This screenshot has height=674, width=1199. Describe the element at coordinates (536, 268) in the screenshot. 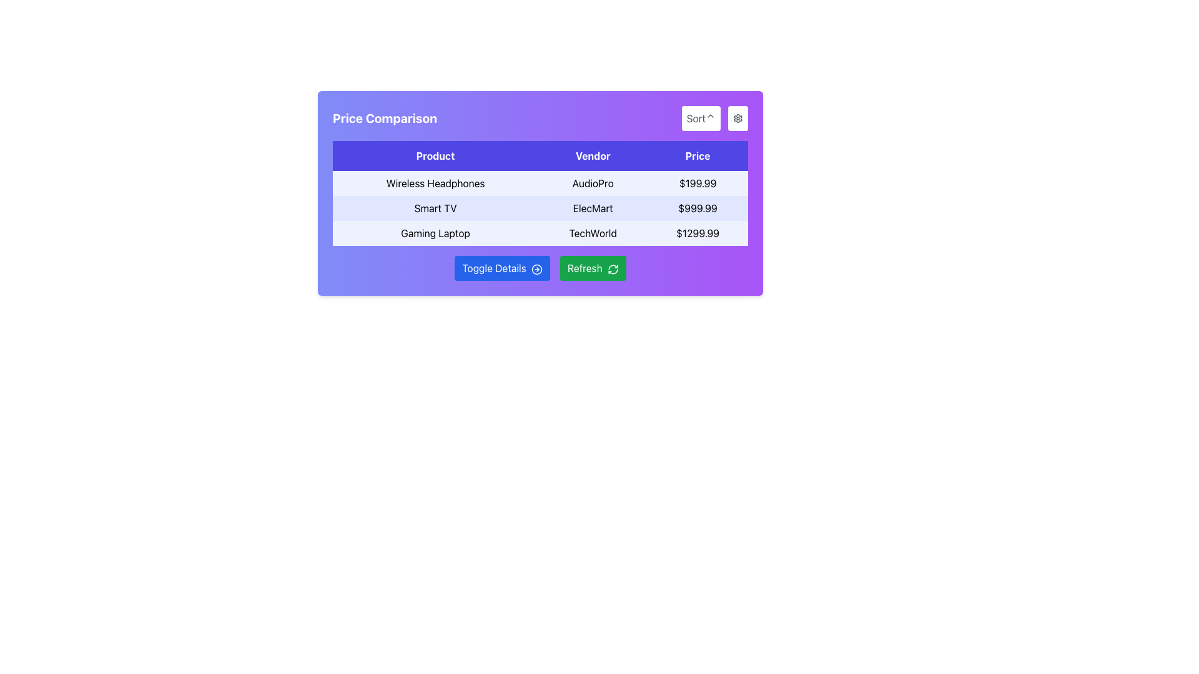

I see `the SVG Graphic (Circle within an Icon) to interact with the associated 'Toggle Details' button, which allows toggling visibility of additional details` at that location.